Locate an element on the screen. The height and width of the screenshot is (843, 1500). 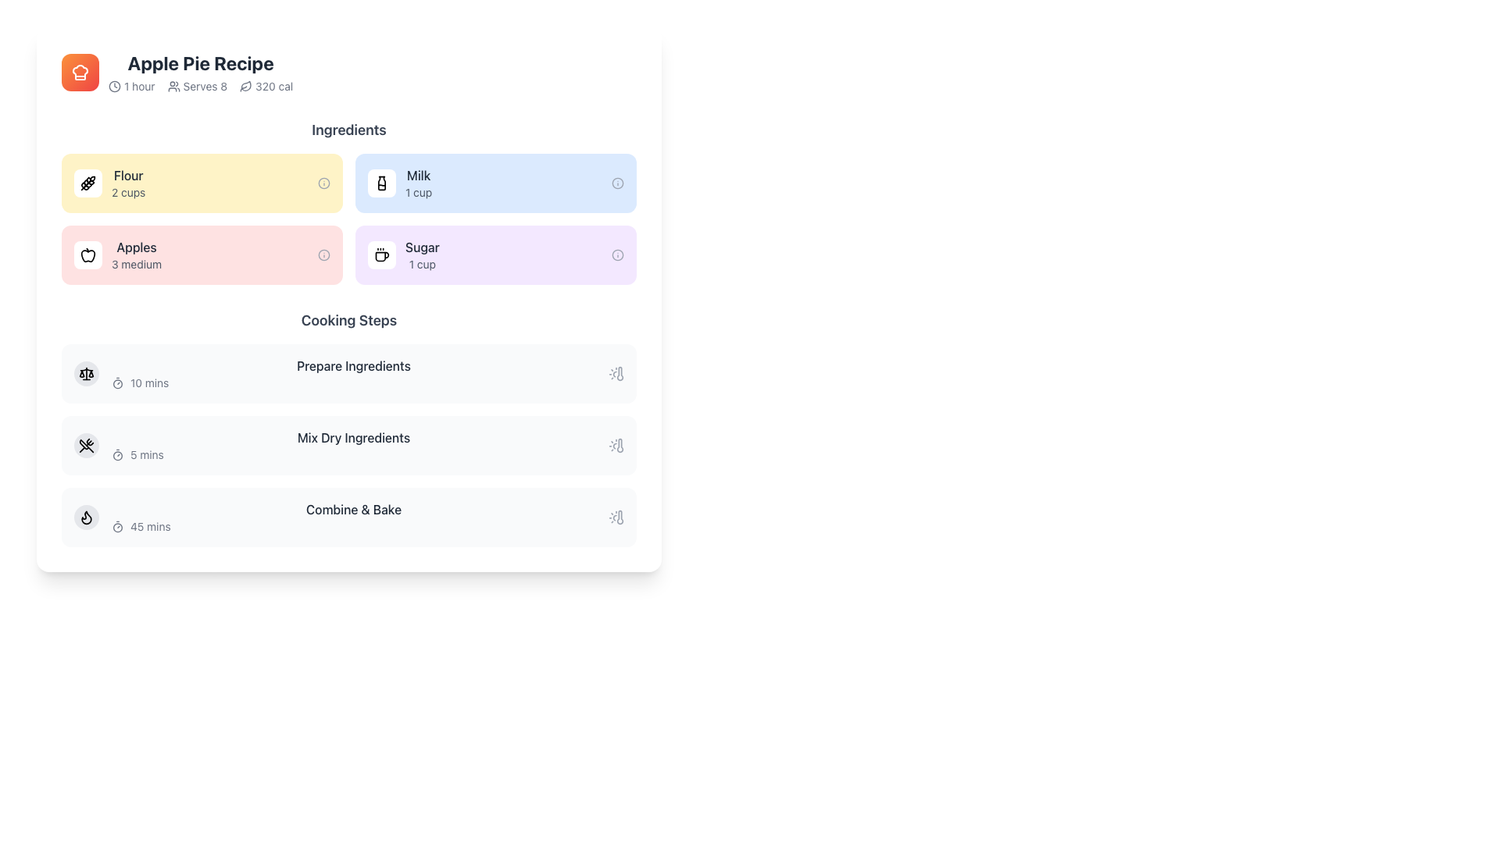
the text label '2 cups' which specifies the quantity of the ingredient 'Flour', located in the upper left of the 'Ingredients' section under 'Flour' is located at coordinates (128, 191).